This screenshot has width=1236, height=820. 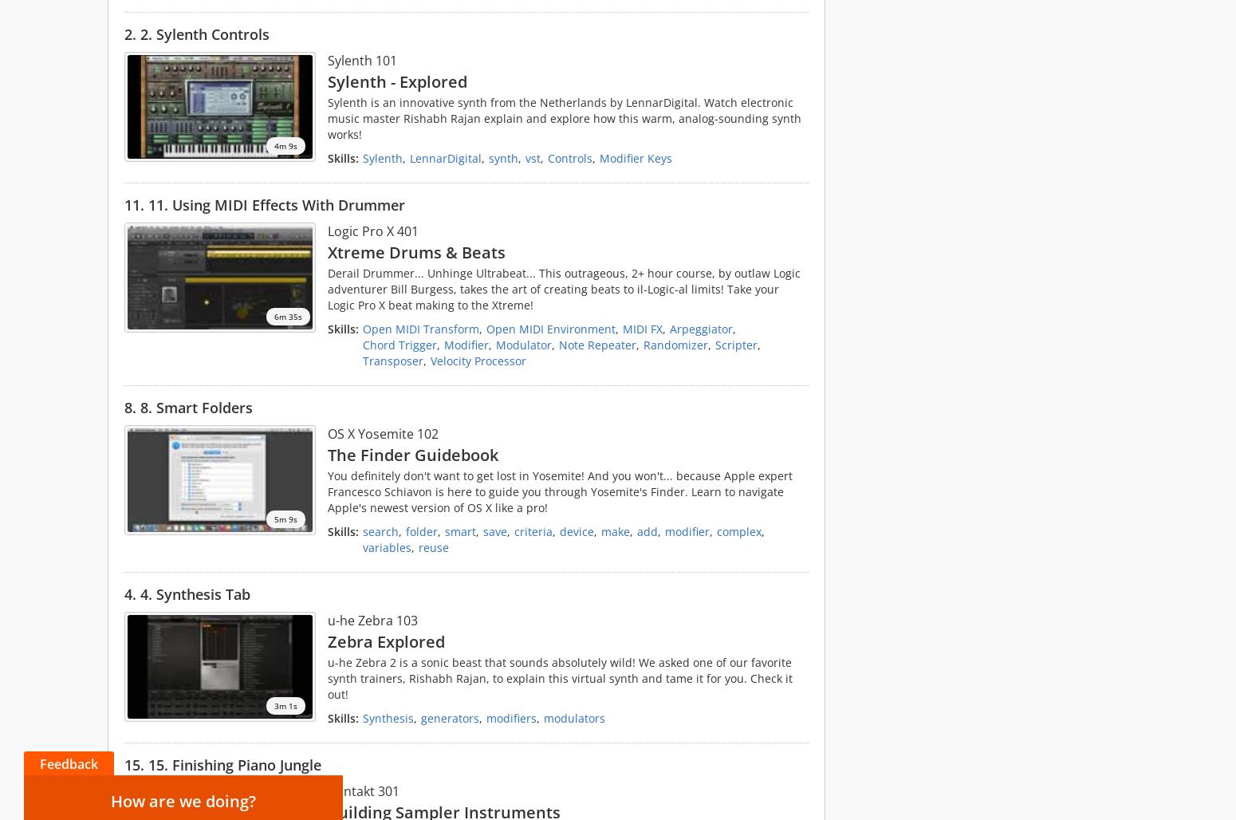 What do you see at coordinates (328, 641) in the screenshot?
I see `'Zebra Explored'` at bounding box center [328, 641].